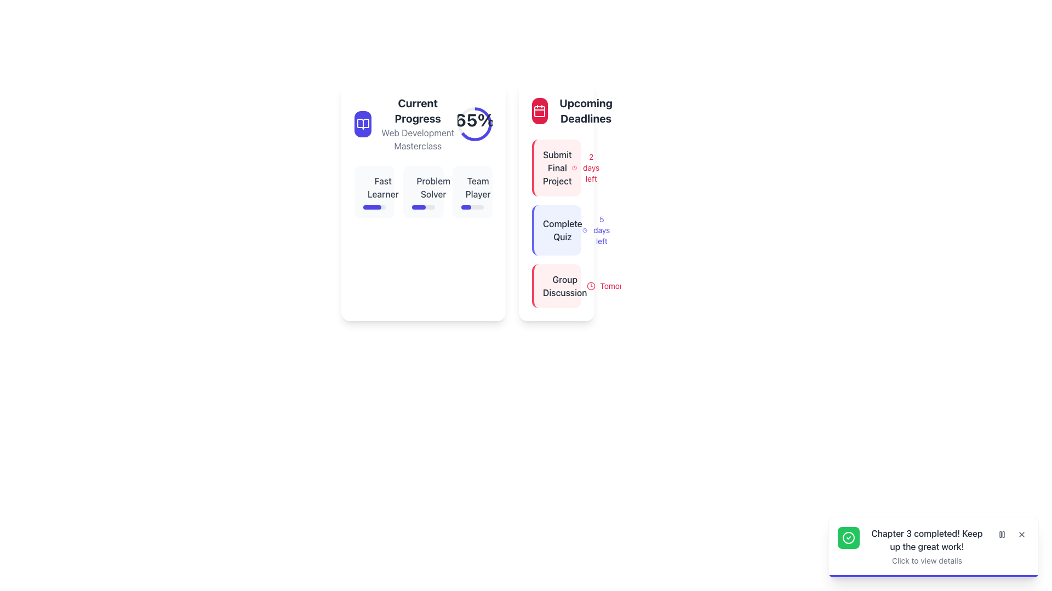 Image resolution: width=1052 pixels, height=591 pixels. Describe the element at coordinates (933, 547) in the screenshot. I see `the Notification Panel that displays 'Chapter 3 completed! Keep up the great work!' to navigate details` at that location.